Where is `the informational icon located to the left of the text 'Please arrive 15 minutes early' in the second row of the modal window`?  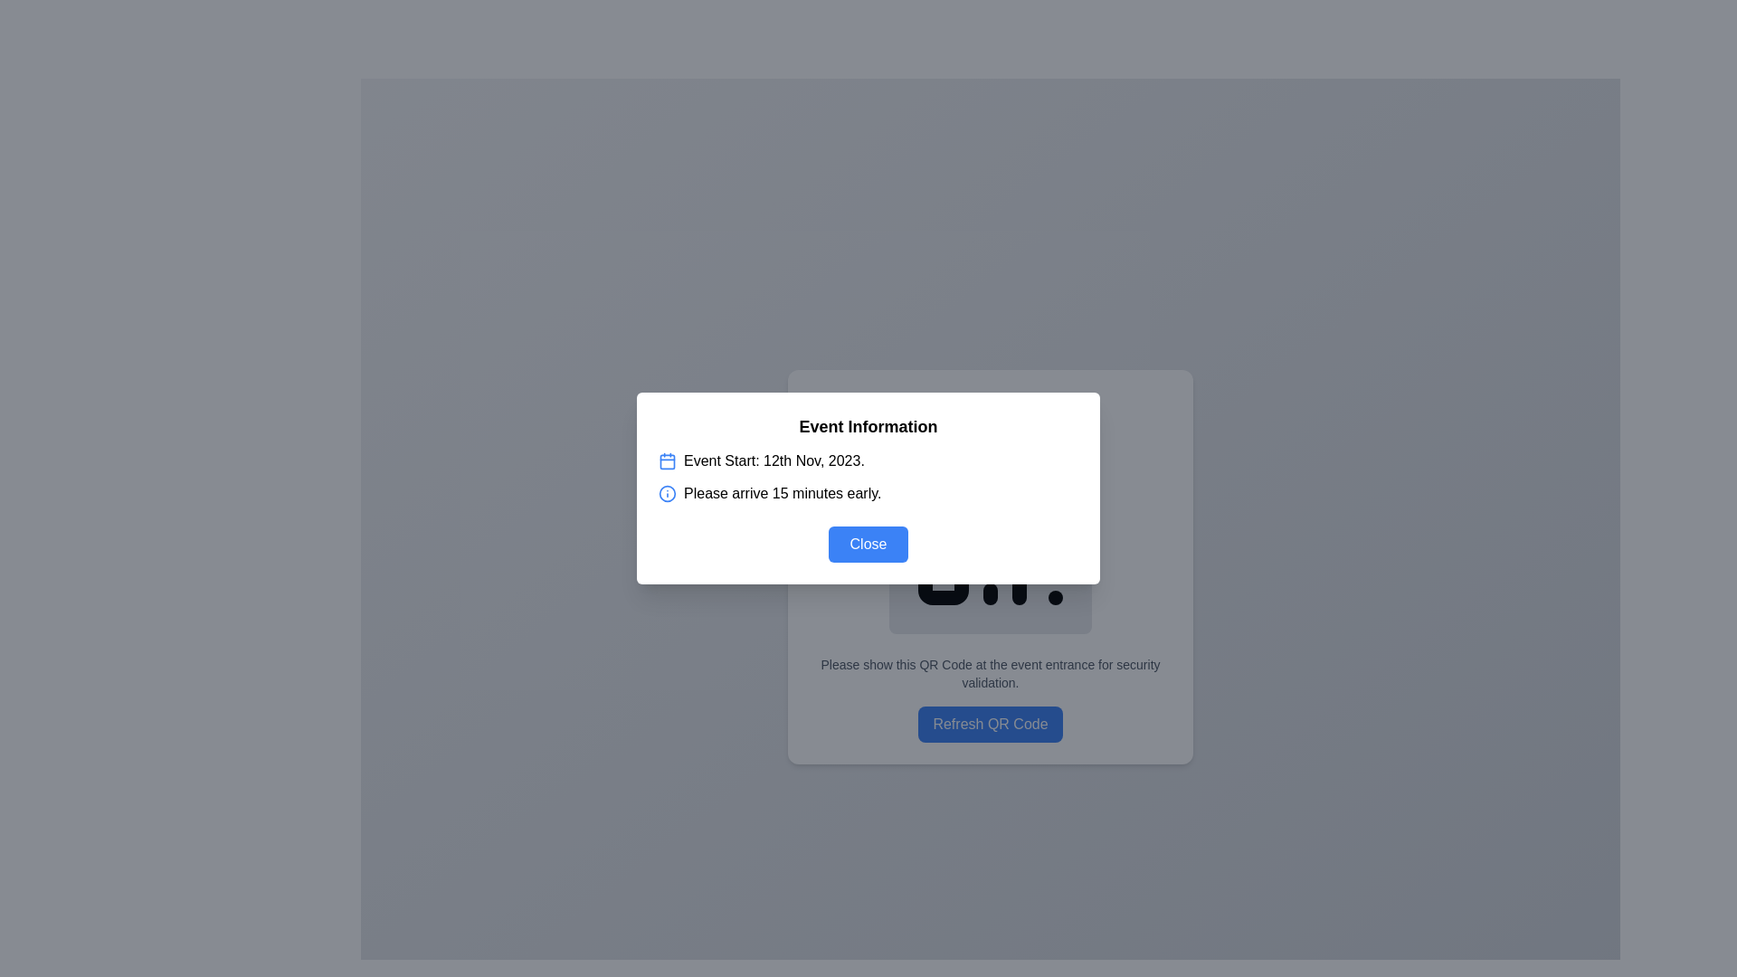 the informational icon located to the left of the text 'Please arrive 15 minutes early' in the second row of the modal window is located at coordinates (667, 494).